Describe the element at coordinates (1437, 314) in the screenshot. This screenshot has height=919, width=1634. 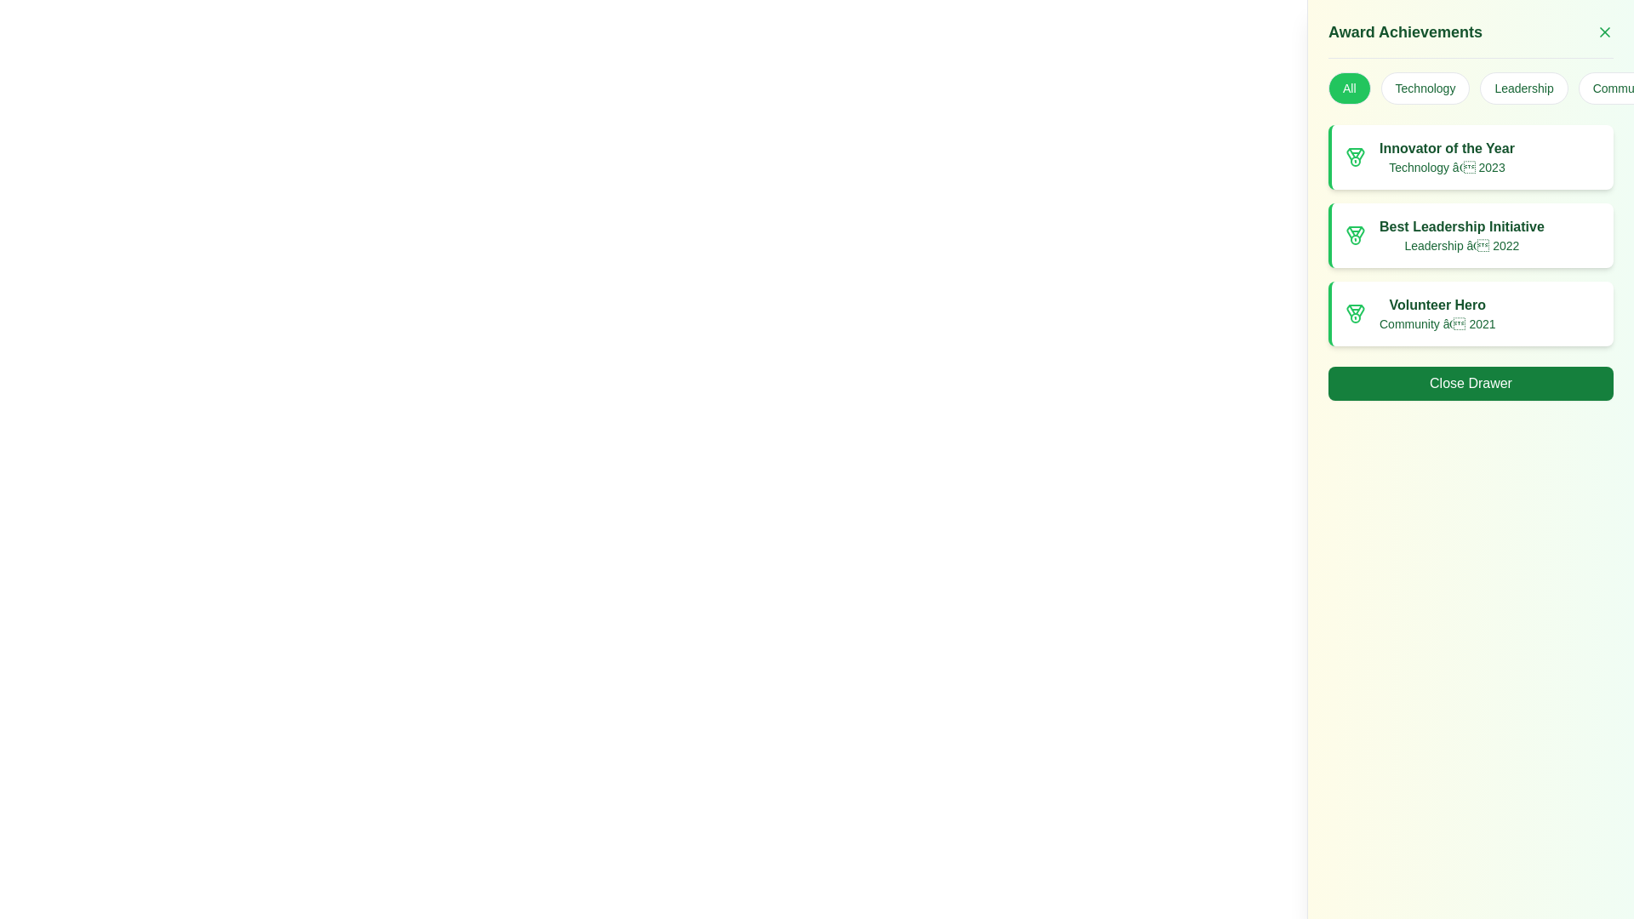
I see `the 'Volunteer Hero' textual display element, which is styled in bold dark green and located in a white card with rounded corners, positioned between 'Best Leadership Initiative' and the 'Close Drawer' button` at that location.